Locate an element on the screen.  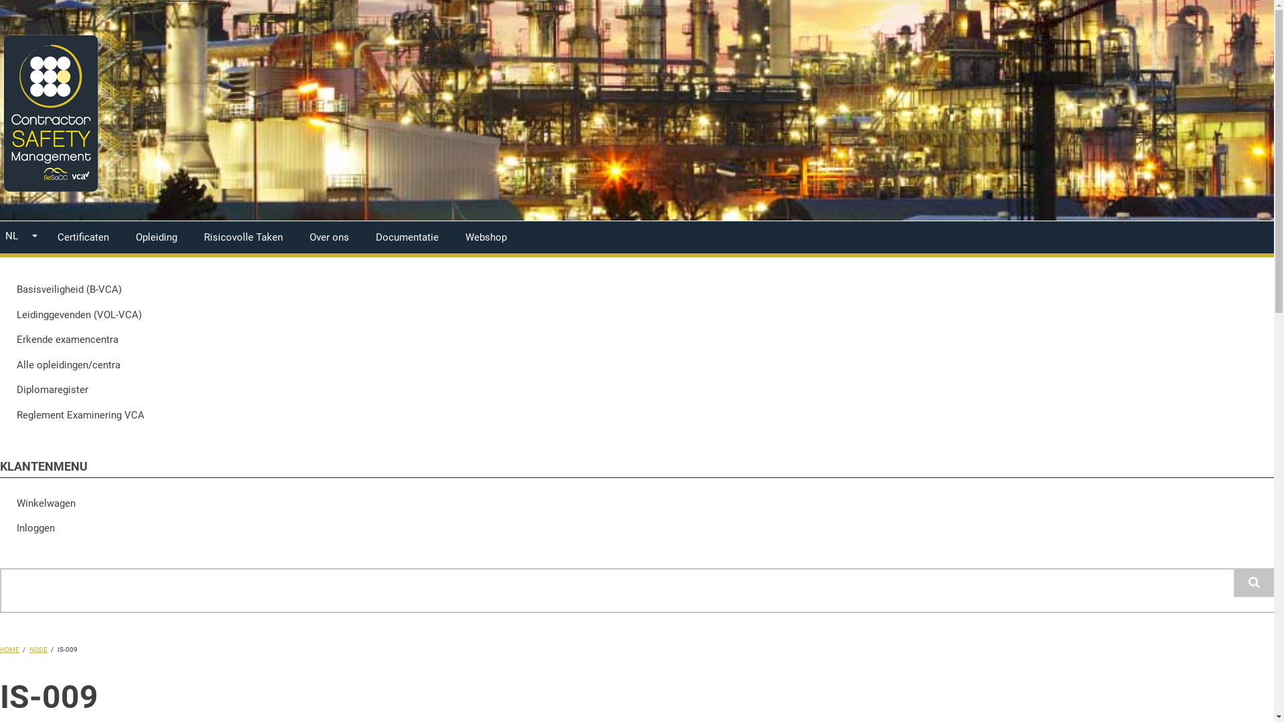
'HOME' is located at coordinates (9, 648).